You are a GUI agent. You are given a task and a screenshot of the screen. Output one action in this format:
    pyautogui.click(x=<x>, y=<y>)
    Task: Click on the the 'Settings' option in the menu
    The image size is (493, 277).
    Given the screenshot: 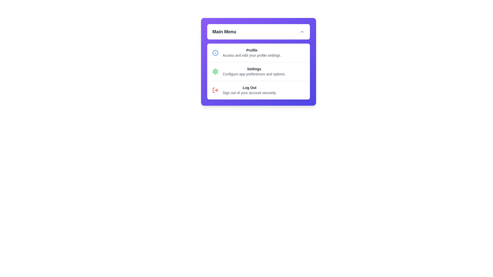 What is the action you would take?
    pyautogui.click(x=259, y=71)
    